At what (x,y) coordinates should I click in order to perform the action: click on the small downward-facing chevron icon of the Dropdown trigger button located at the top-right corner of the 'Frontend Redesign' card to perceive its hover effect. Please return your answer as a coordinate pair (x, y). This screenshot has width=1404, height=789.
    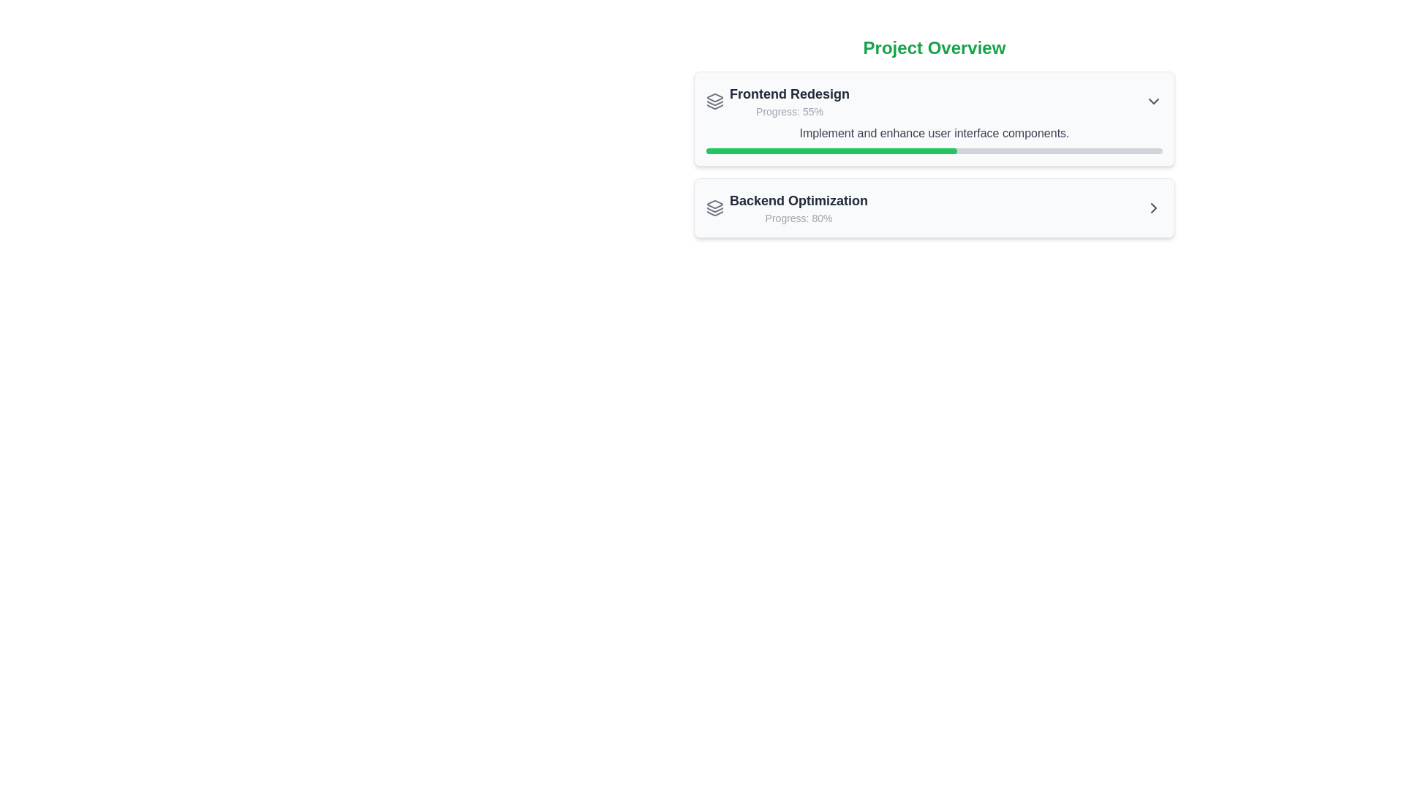
    Looking at the image, I should click on (1153, 100).